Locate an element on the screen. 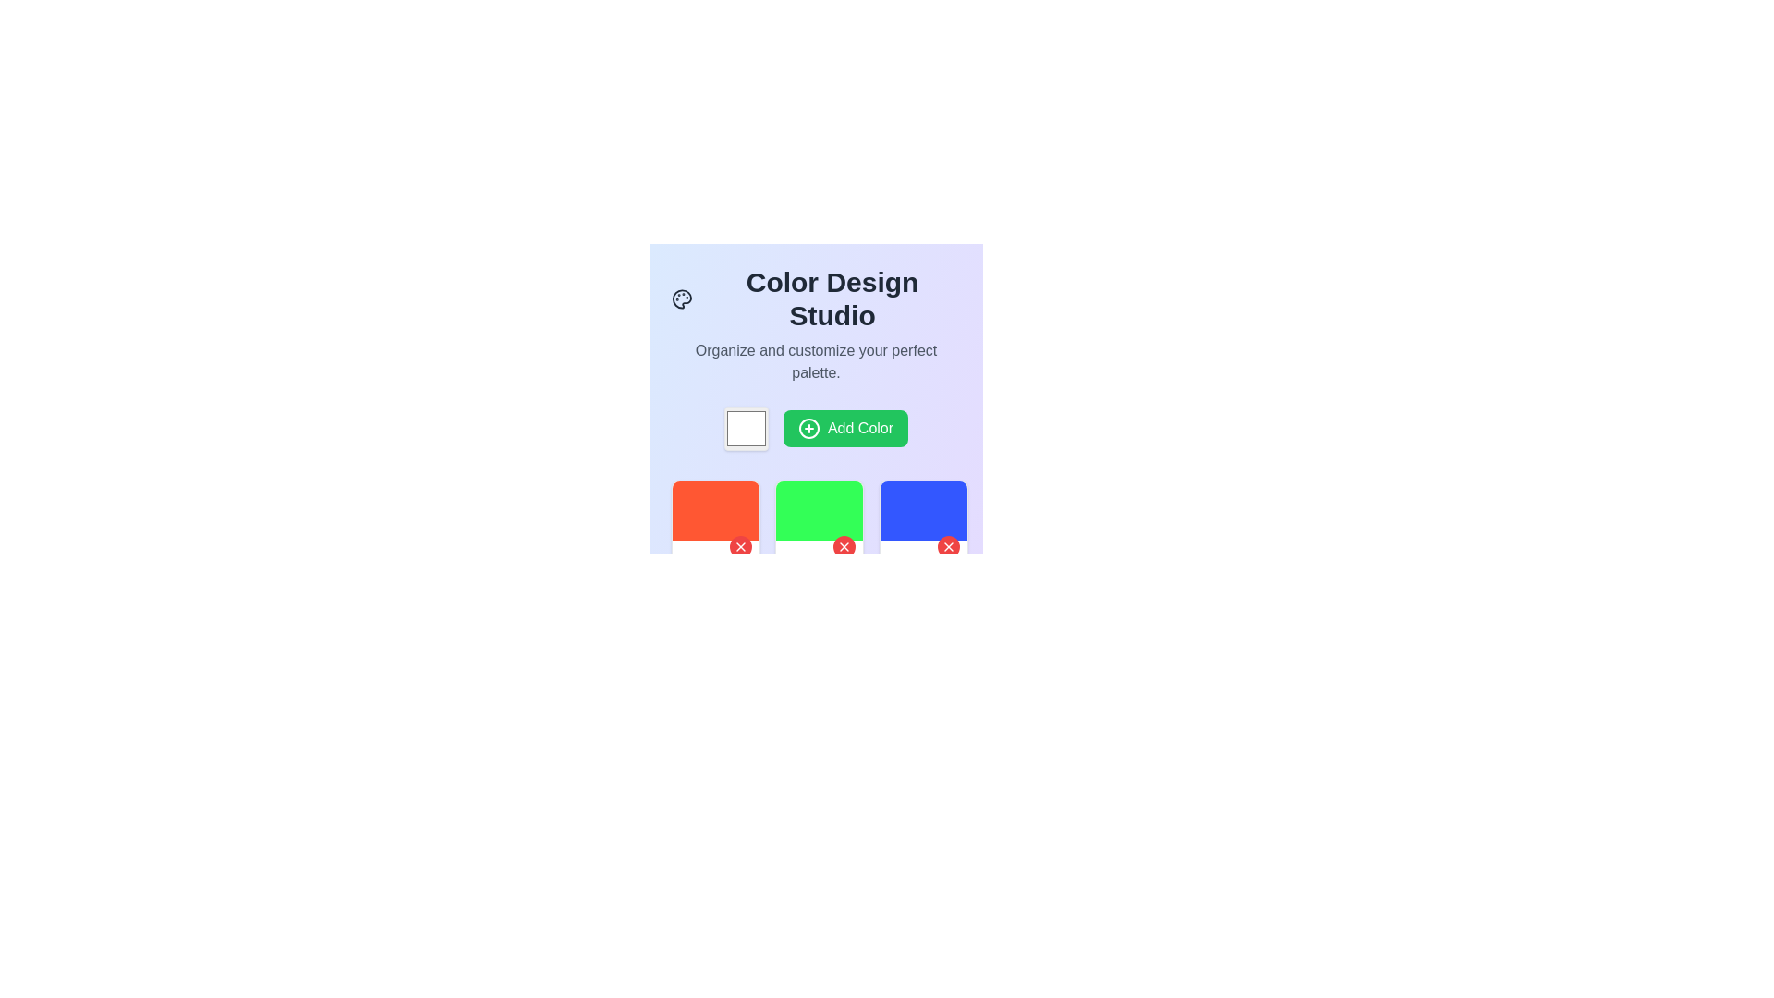  the red circular button with a white 'X' icon located at the bottom-right corner of the green color swatch is located at coordinates (844, 545).